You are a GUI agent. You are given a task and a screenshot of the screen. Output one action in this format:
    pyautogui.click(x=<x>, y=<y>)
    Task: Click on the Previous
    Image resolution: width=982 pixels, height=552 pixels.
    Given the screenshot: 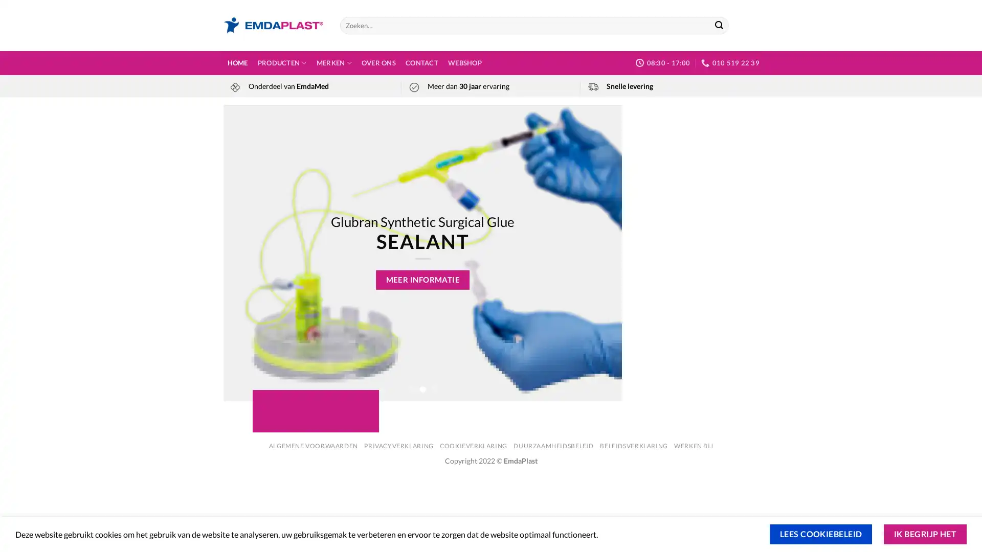 What is the action you would take?
    pyautogui.click(x=244, y=252)
    